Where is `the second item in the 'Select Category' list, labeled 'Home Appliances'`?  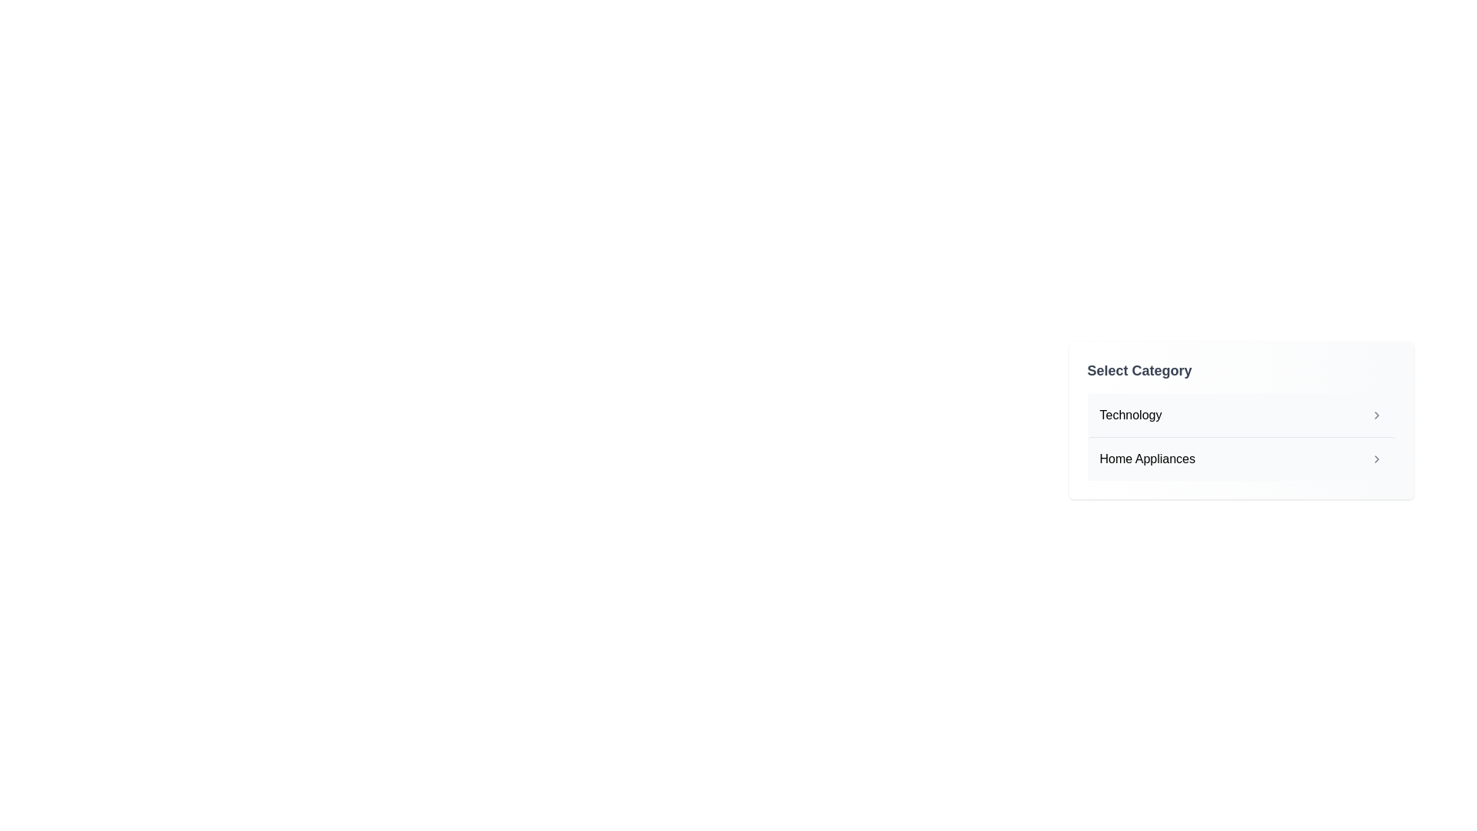 the second item in the 'Select Category' list, labeled 'Home Appliances' is located at coordinates (1241, 458).